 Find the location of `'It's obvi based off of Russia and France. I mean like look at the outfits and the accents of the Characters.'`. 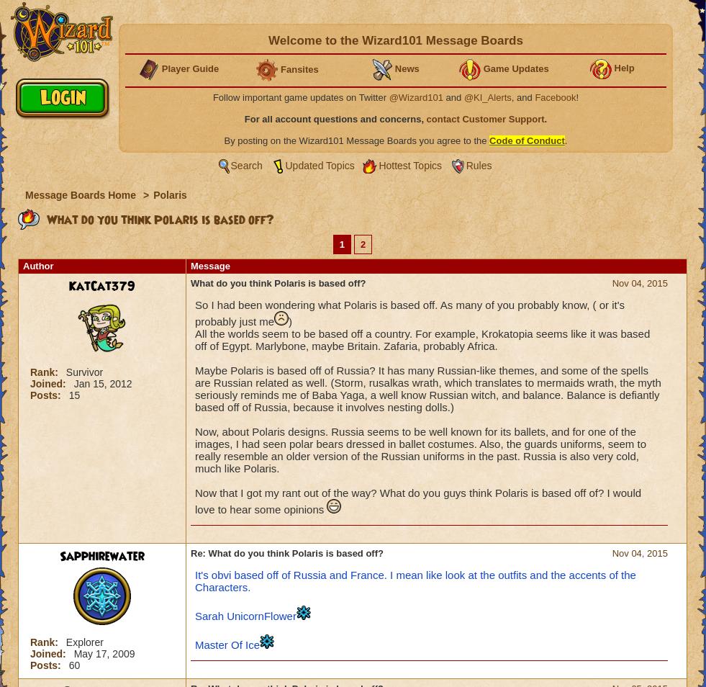

'It's obvi based off of Russia and France. I mean like look at the outfits and the accents of the Characters.' is located at coordinates (415, 580).